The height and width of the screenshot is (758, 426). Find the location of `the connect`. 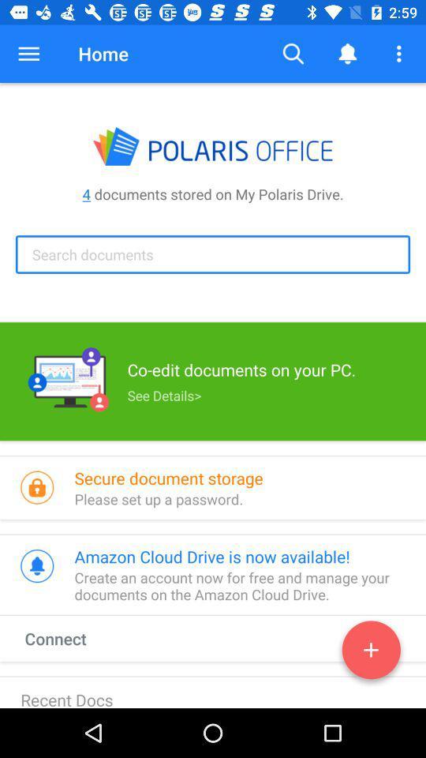

the connect is located at coordinates (69, 638).